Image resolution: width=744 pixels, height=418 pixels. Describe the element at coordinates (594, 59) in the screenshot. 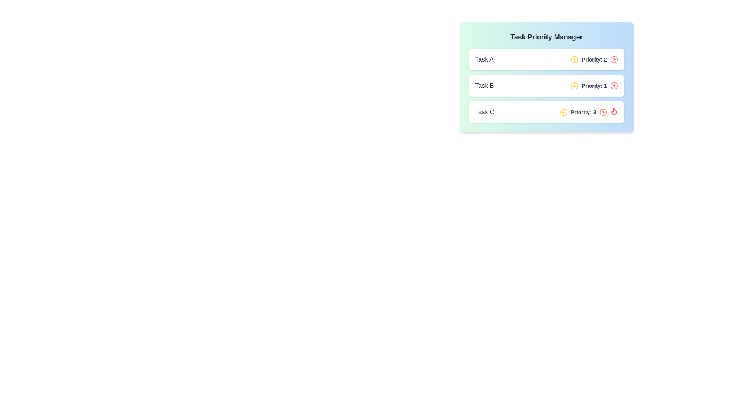

I see `the label displaying 'Priority: 2' with yellow downward and red upward arrow icons, located in the first task row of the 'Task Priority Manager' interface` at that location.